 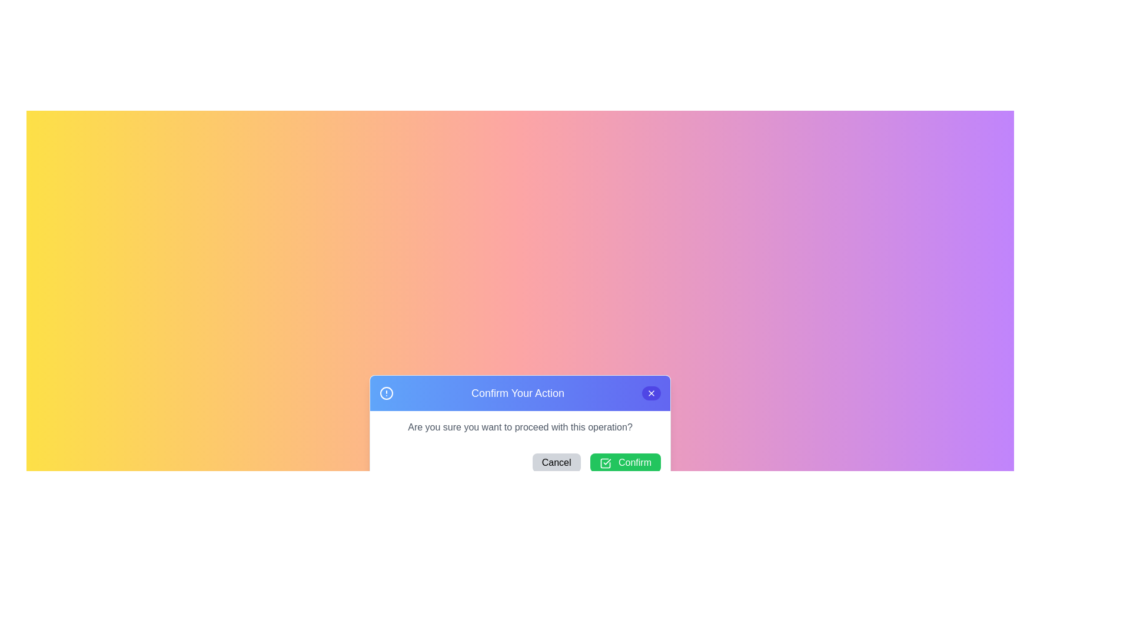 I want to click on the Header bar with the text 'Confirm Your Action', which features a gradient background and is positioned at the top of the dialog box, so click(x=519, y=393).